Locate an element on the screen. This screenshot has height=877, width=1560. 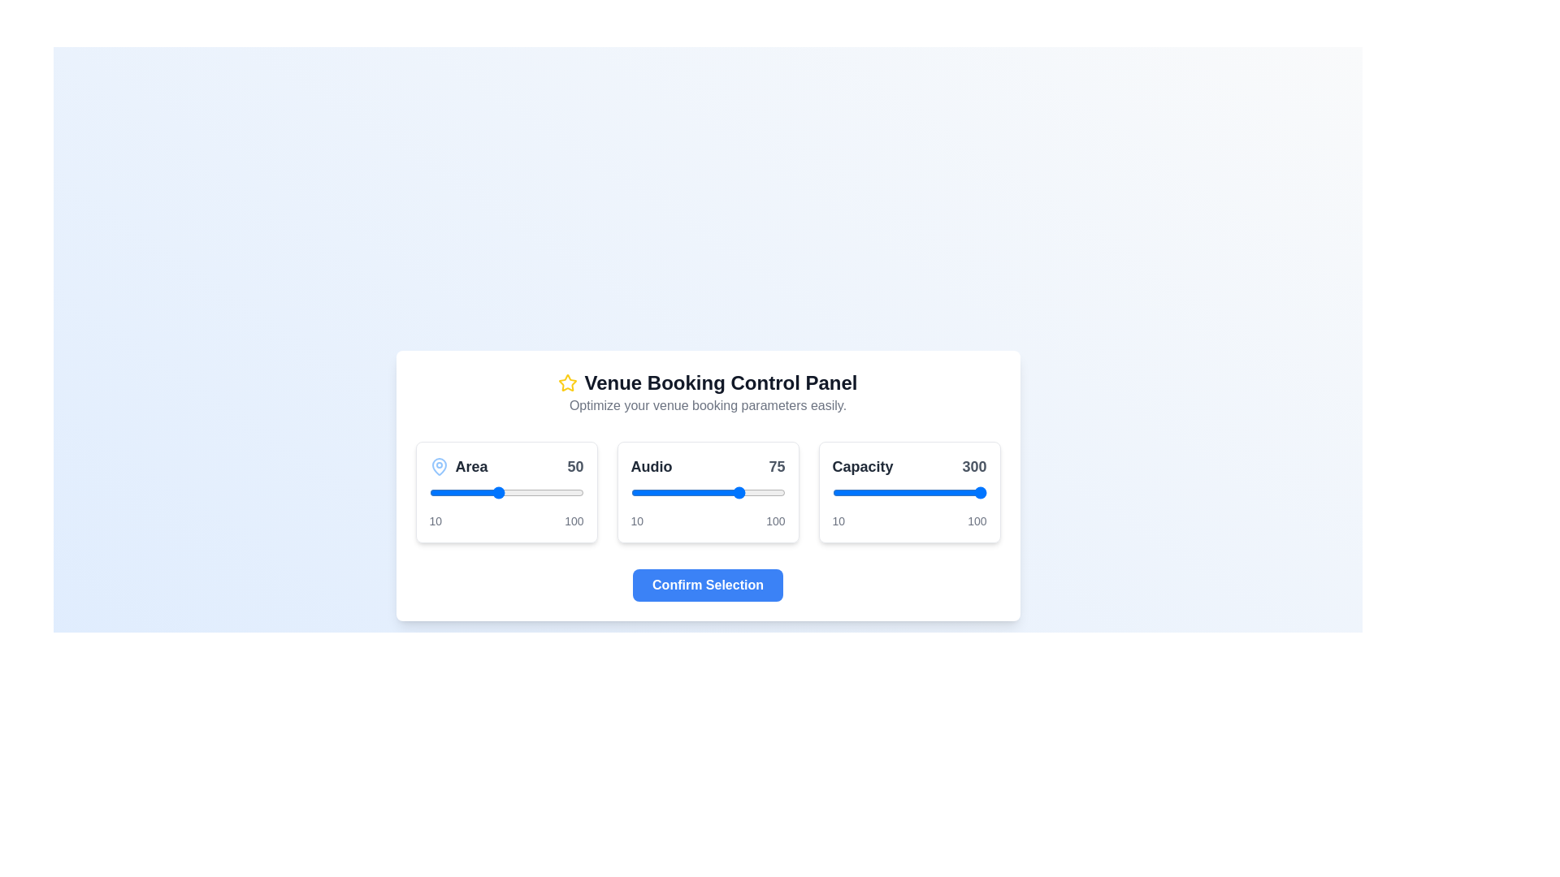
the Audio slider, which is a horizontal slider with a gradient from green to blue, located centrally in the 'Audio' section below 'Audio 75' and above the range indicators '10 100' is located at coordinates (708, 491).